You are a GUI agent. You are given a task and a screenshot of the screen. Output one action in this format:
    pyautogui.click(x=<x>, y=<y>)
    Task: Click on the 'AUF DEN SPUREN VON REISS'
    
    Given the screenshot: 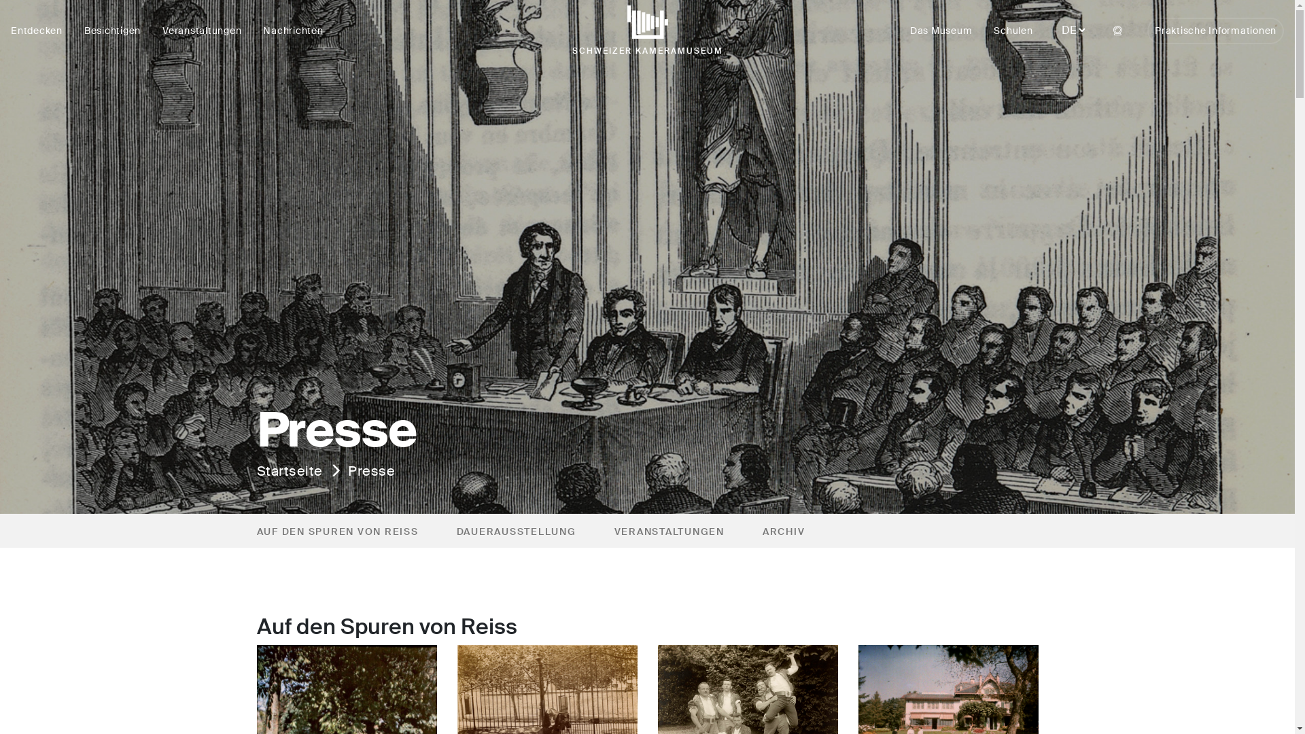 What is the action you would take?
    pyautogui.click(x=338, y=531)
    